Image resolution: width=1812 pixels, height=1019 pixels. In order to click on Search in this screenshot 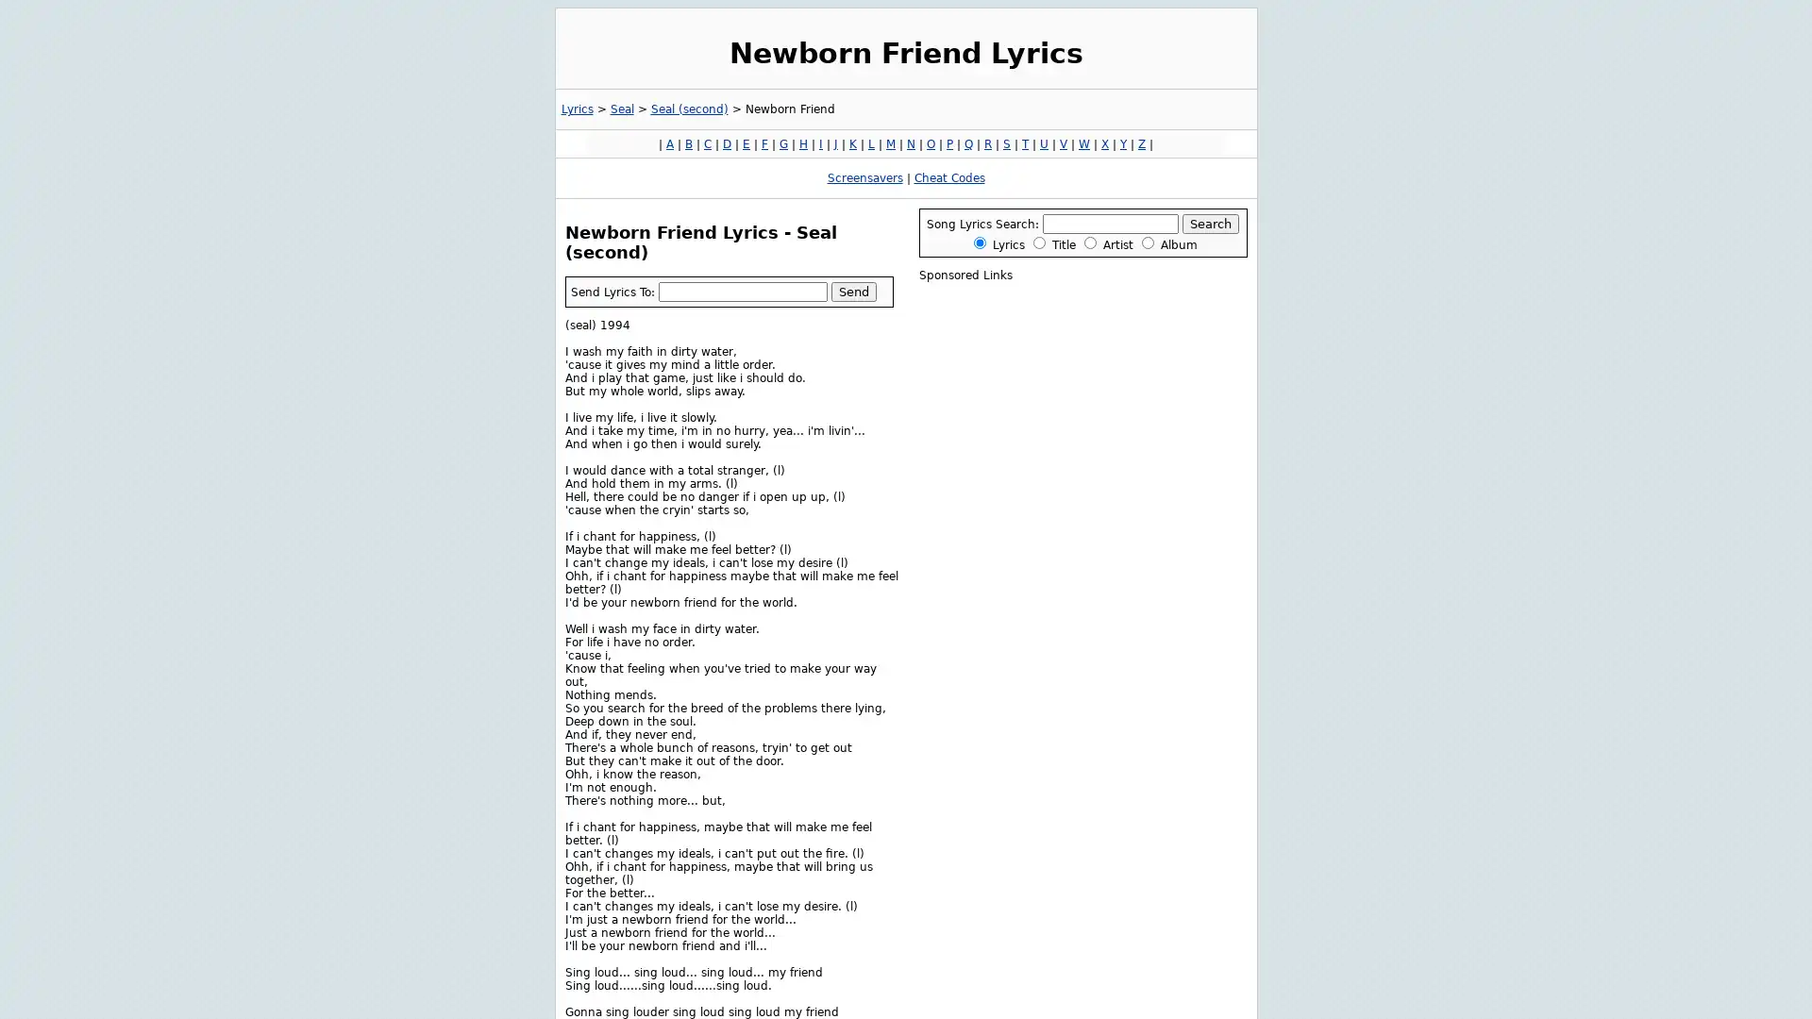, I will do `click(1210, 223)`.